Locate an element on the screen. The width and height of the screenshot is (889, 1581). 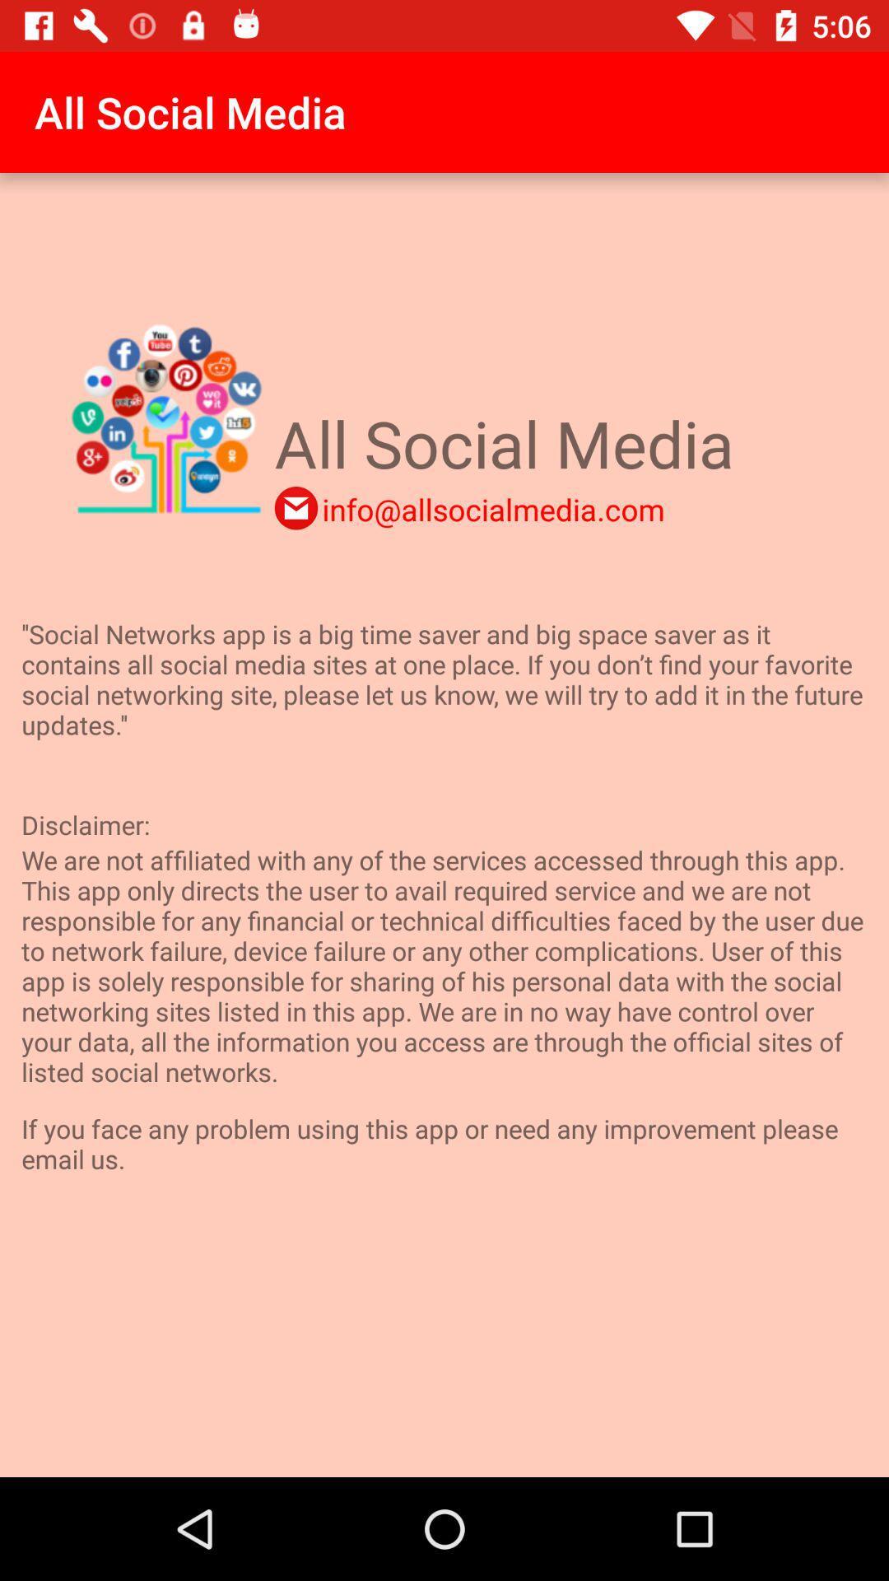
email option is located at coordinates (295, 507).